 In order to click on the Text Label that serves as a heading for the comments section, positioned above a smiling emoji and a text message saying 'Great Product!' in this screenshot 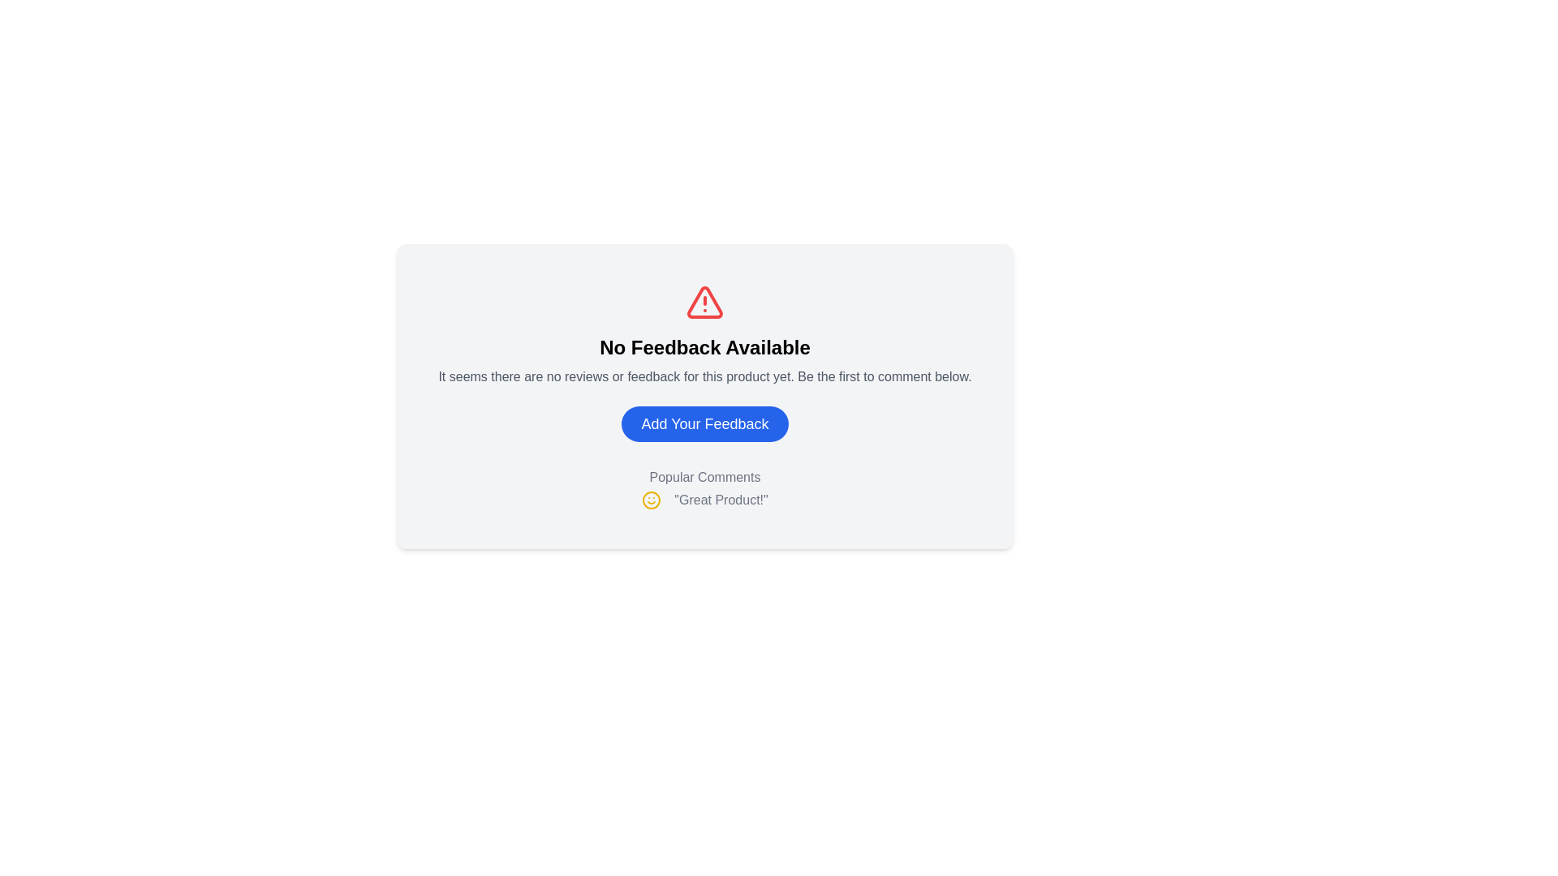, I will do `click(704, 477)`.